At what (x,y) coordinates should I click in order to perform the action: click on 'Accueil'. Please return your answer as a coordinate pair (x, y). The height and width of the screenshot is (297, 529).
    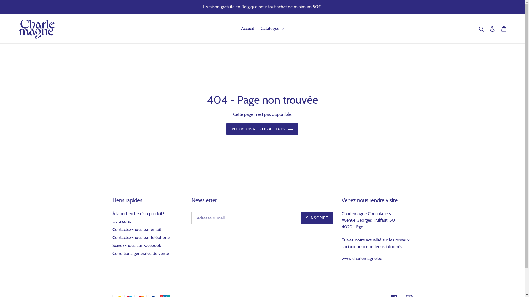
    Looking at the image, I should click on (247, 29).